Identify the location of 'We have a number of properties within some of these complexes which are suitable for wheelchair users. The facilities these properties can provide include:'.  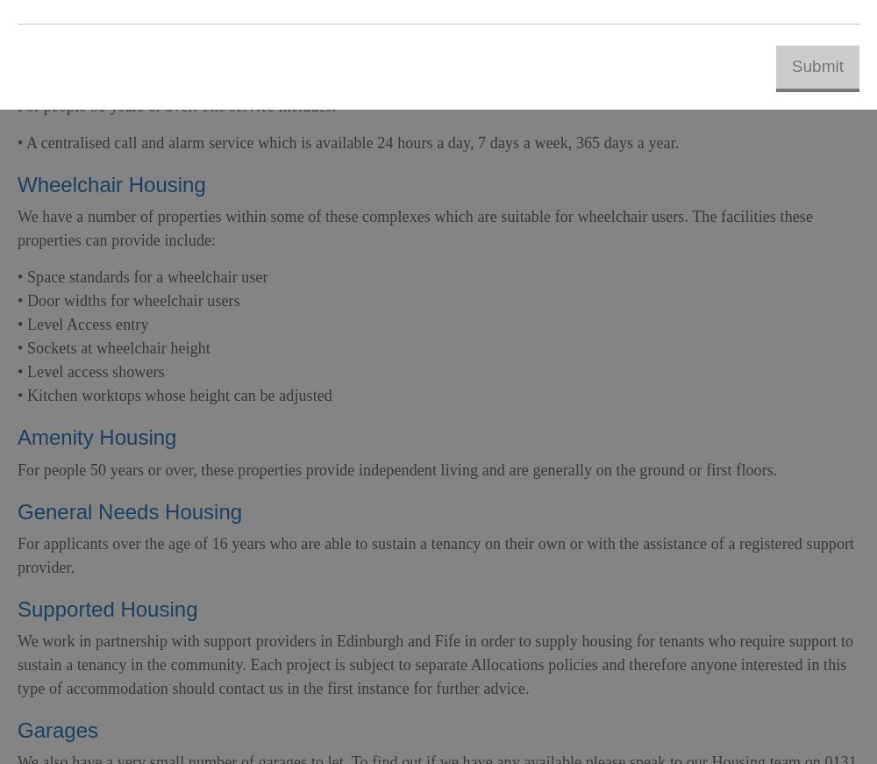
(414, 228).